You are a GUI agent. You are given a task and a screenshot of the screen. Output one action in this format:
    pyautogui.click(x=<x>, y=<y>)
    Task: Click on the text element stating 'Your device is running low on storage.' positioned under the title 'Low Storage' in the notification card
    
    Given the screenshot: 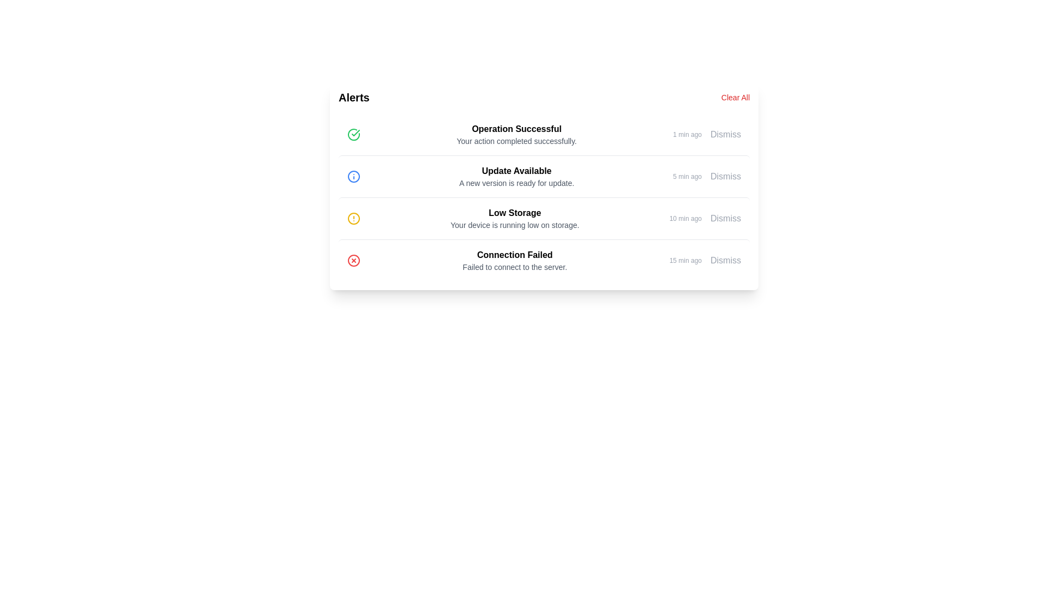 What is the action you would take?
    pyautogui.click(x=514, y=224)
    